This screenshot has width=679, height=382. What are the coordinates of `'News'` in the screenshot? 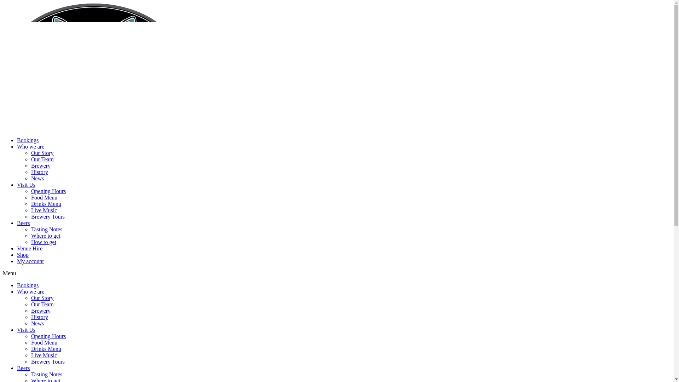 It's located at (37, 323).